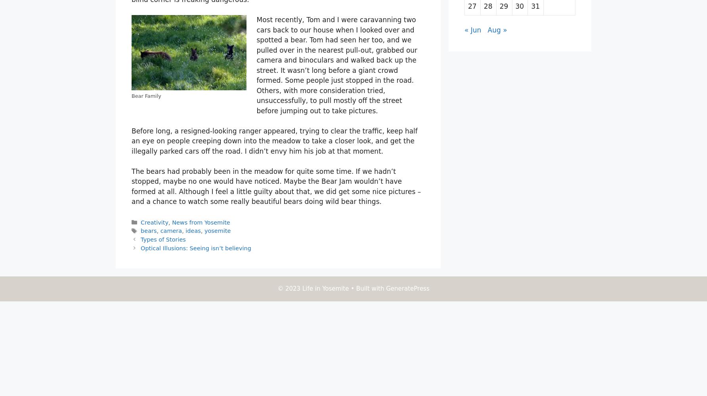 The width and height of the screenshot is (707, 396). I want to click on '« Jun', so click(472, 30).